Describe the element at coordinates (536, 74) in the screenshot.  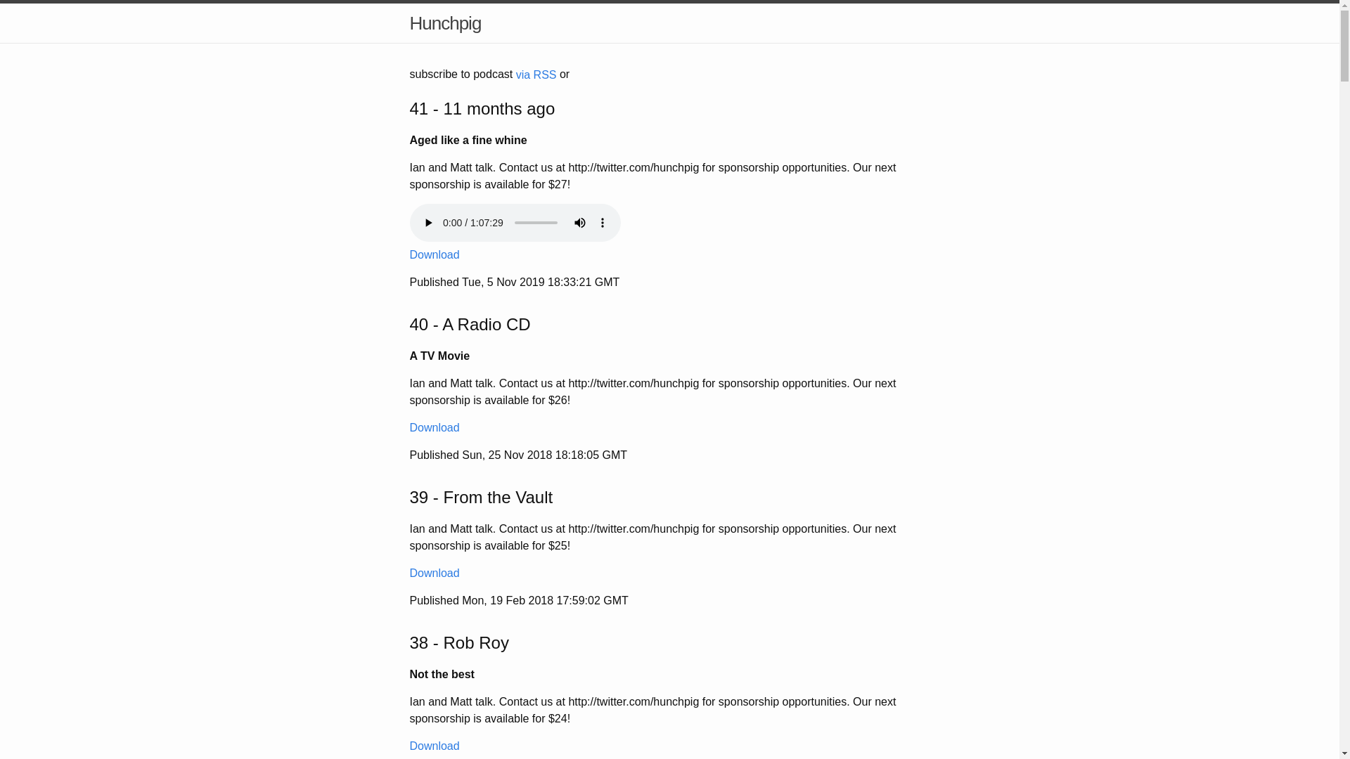
I see `'via RSS'` at that location.